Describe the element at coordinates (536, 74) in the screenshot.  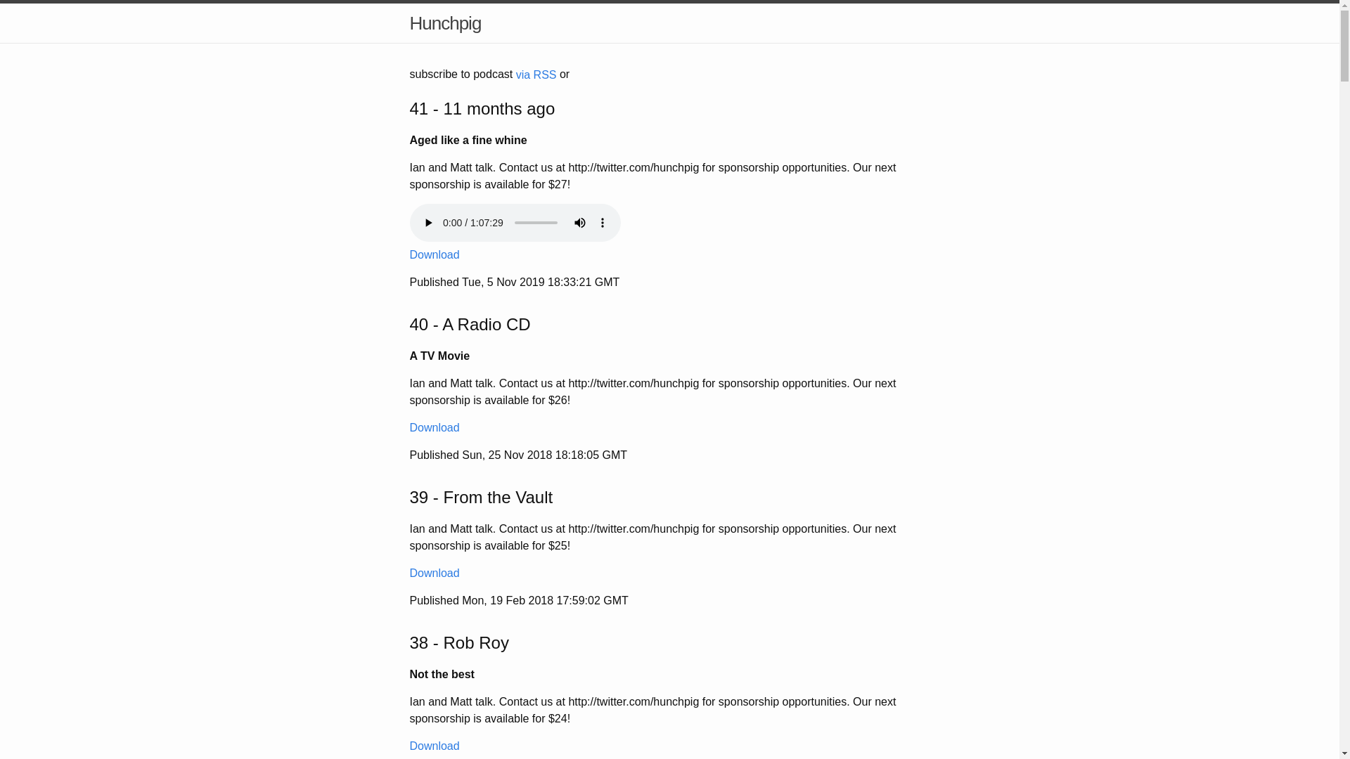
I see `'via RSS'` at that location.